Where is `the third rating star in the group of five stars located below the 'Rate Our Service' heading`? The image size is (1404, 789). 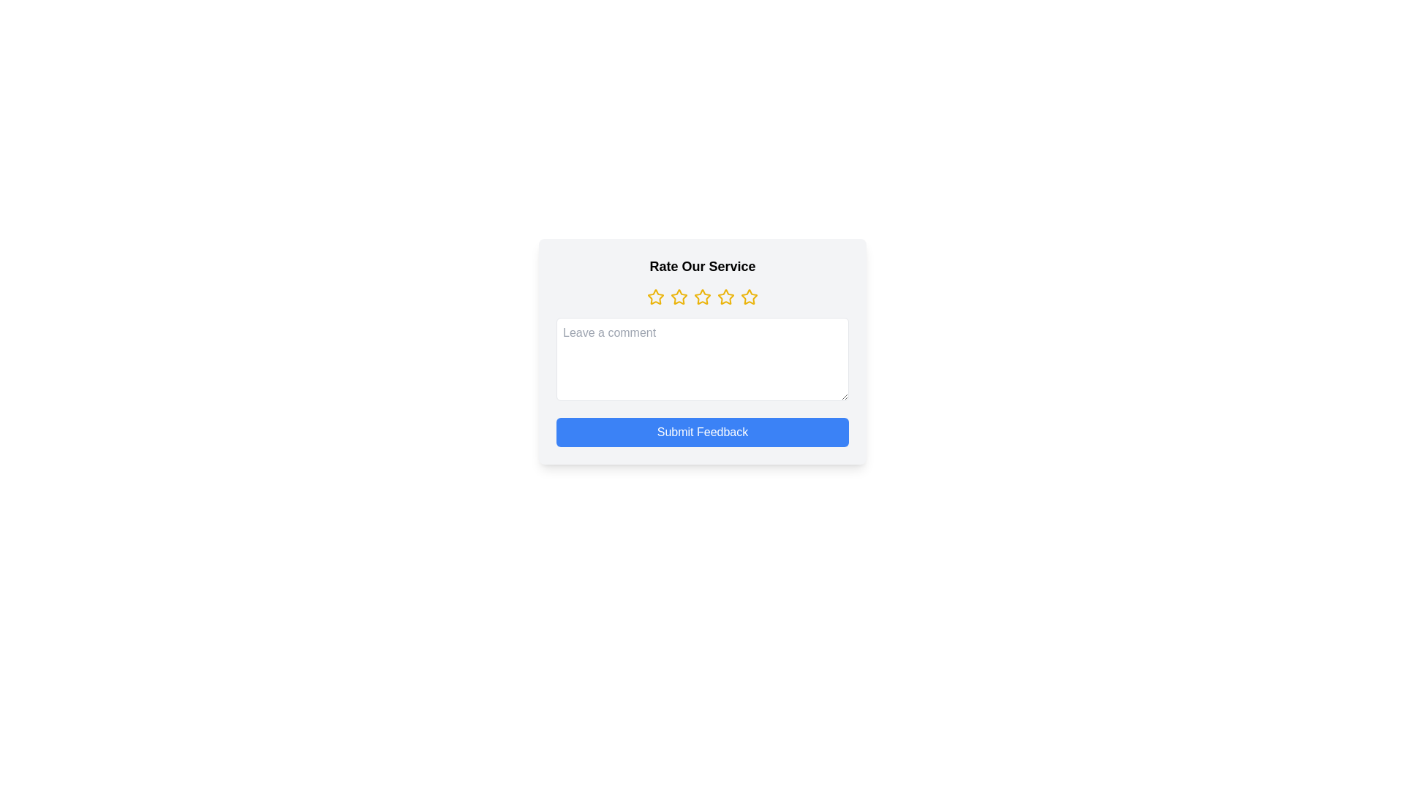
the third rating star in the group of five stars located below the 'Rate Our Service' heading is located at coordinates (679, 296).